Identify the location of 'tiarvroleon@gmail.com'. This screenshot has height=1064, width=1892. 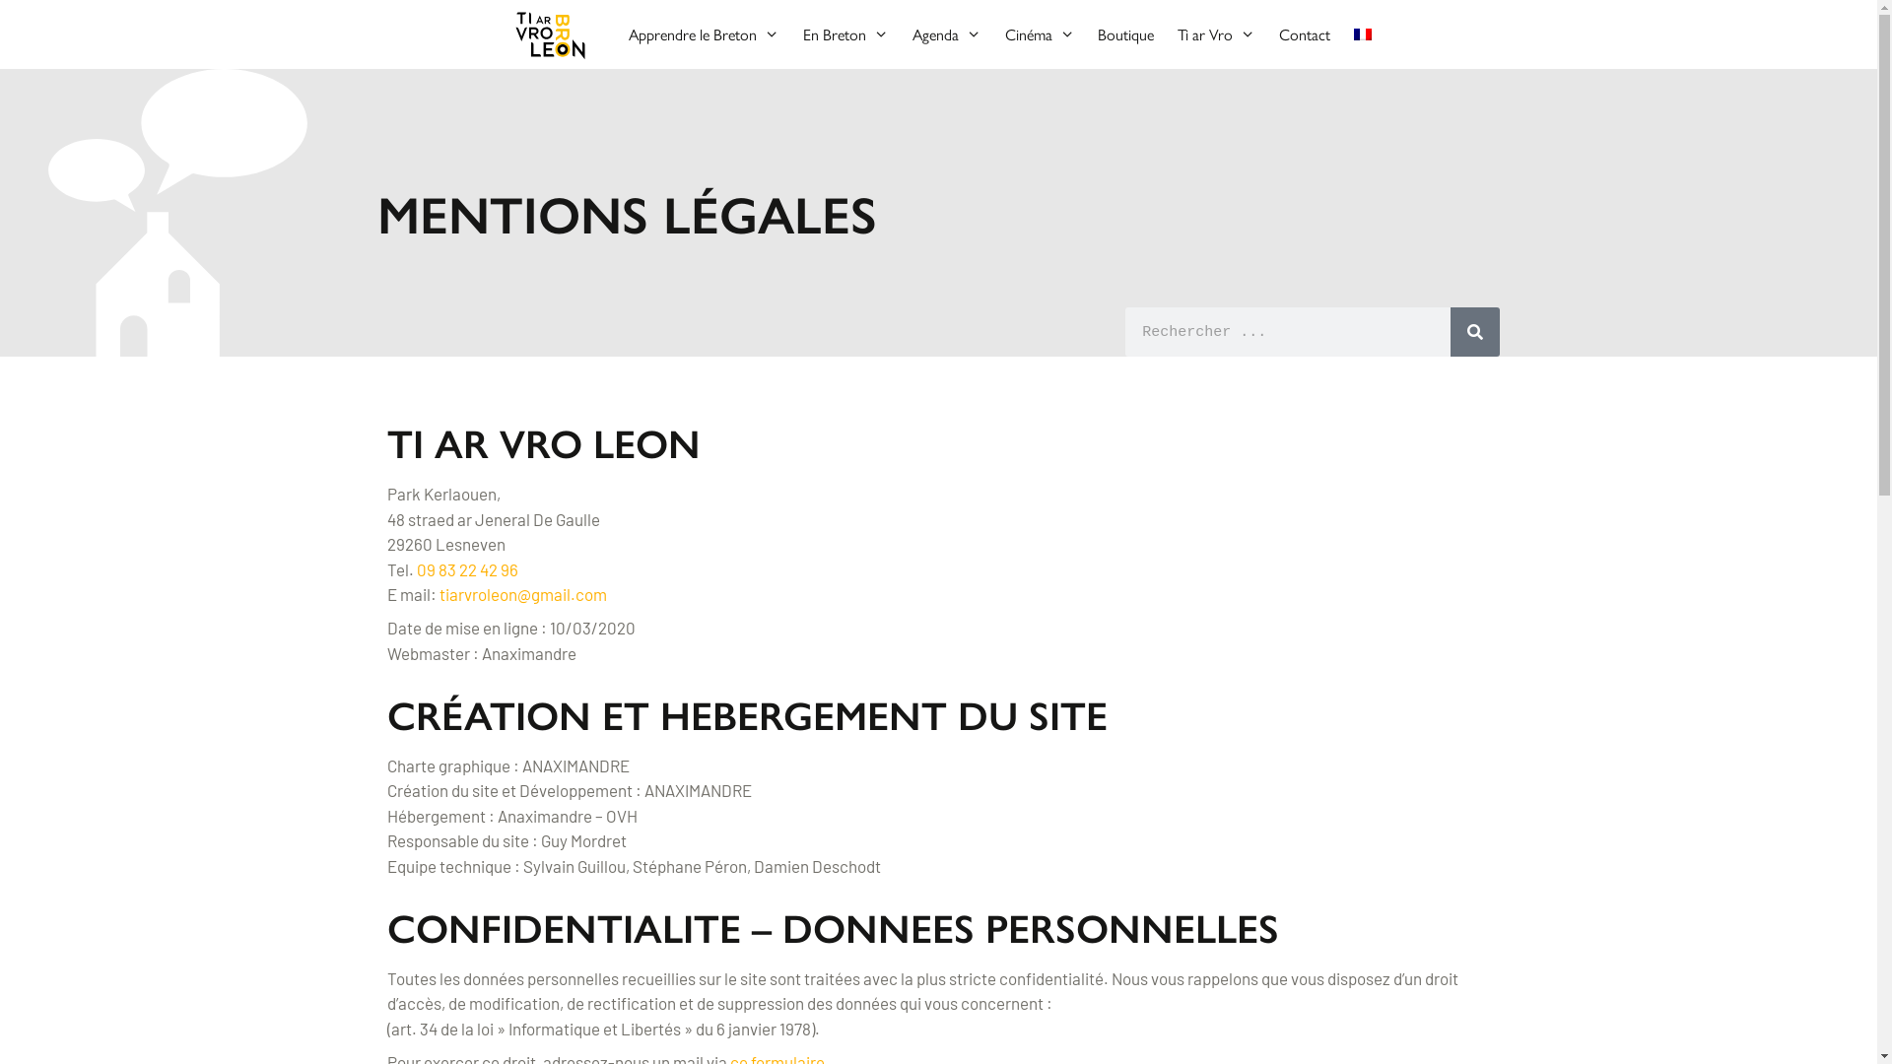
(523, 592).